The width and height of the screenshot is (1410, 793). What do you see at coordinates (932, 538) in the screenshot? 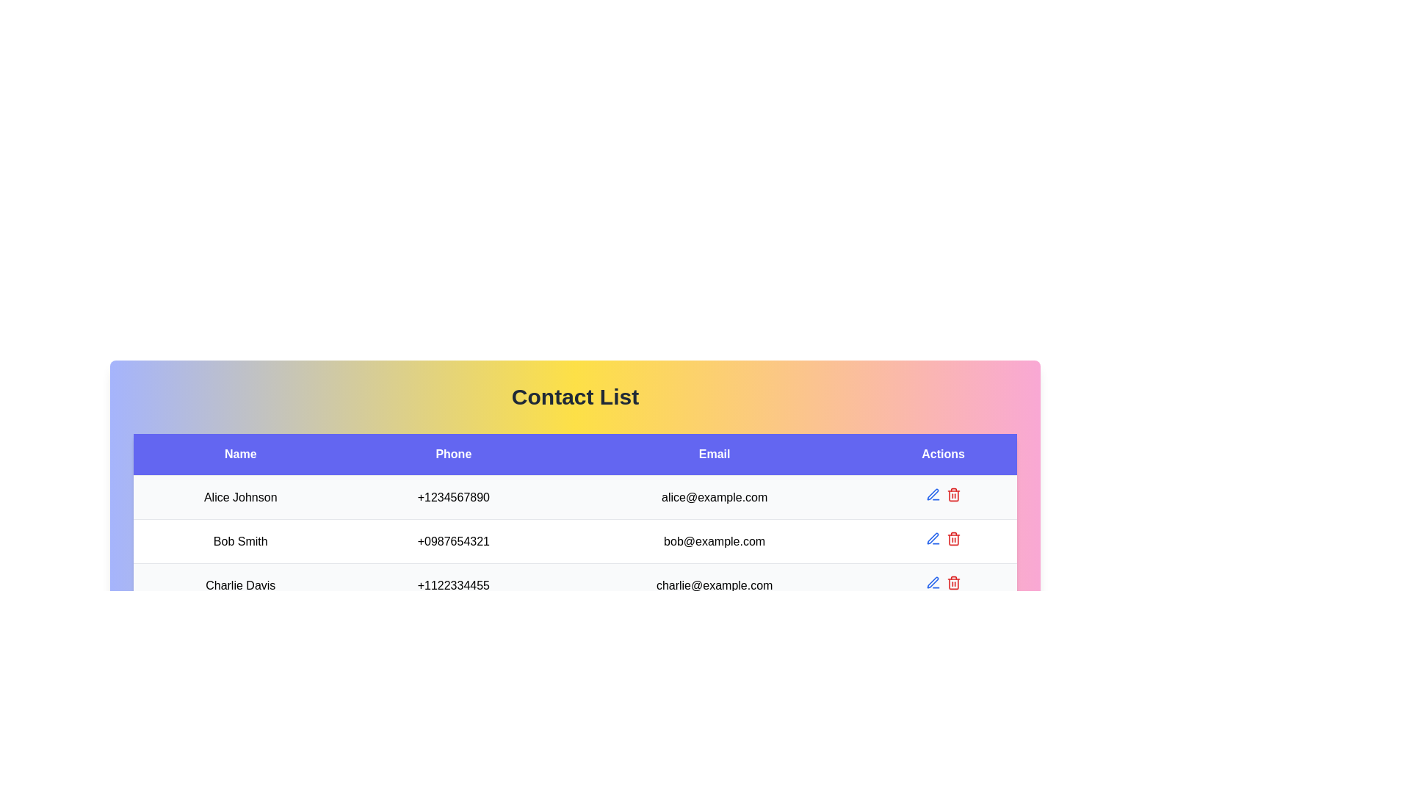
I see `the 'Edit' button icon for contact Bob Smith, which is the first interactive icon in the 'Actions' column of the second row` at bounding box center [932, 538].